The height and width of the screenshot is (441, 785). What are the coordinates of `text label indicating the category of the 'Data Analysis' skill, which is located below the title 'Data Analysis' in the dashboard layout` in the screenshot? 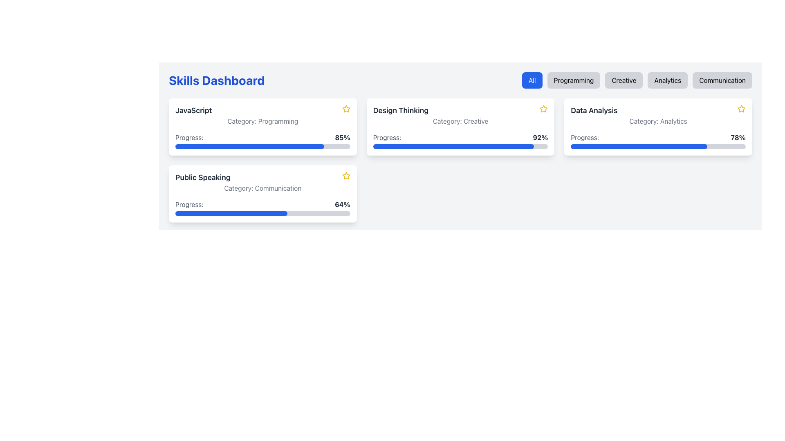 It's located at (658, 121).